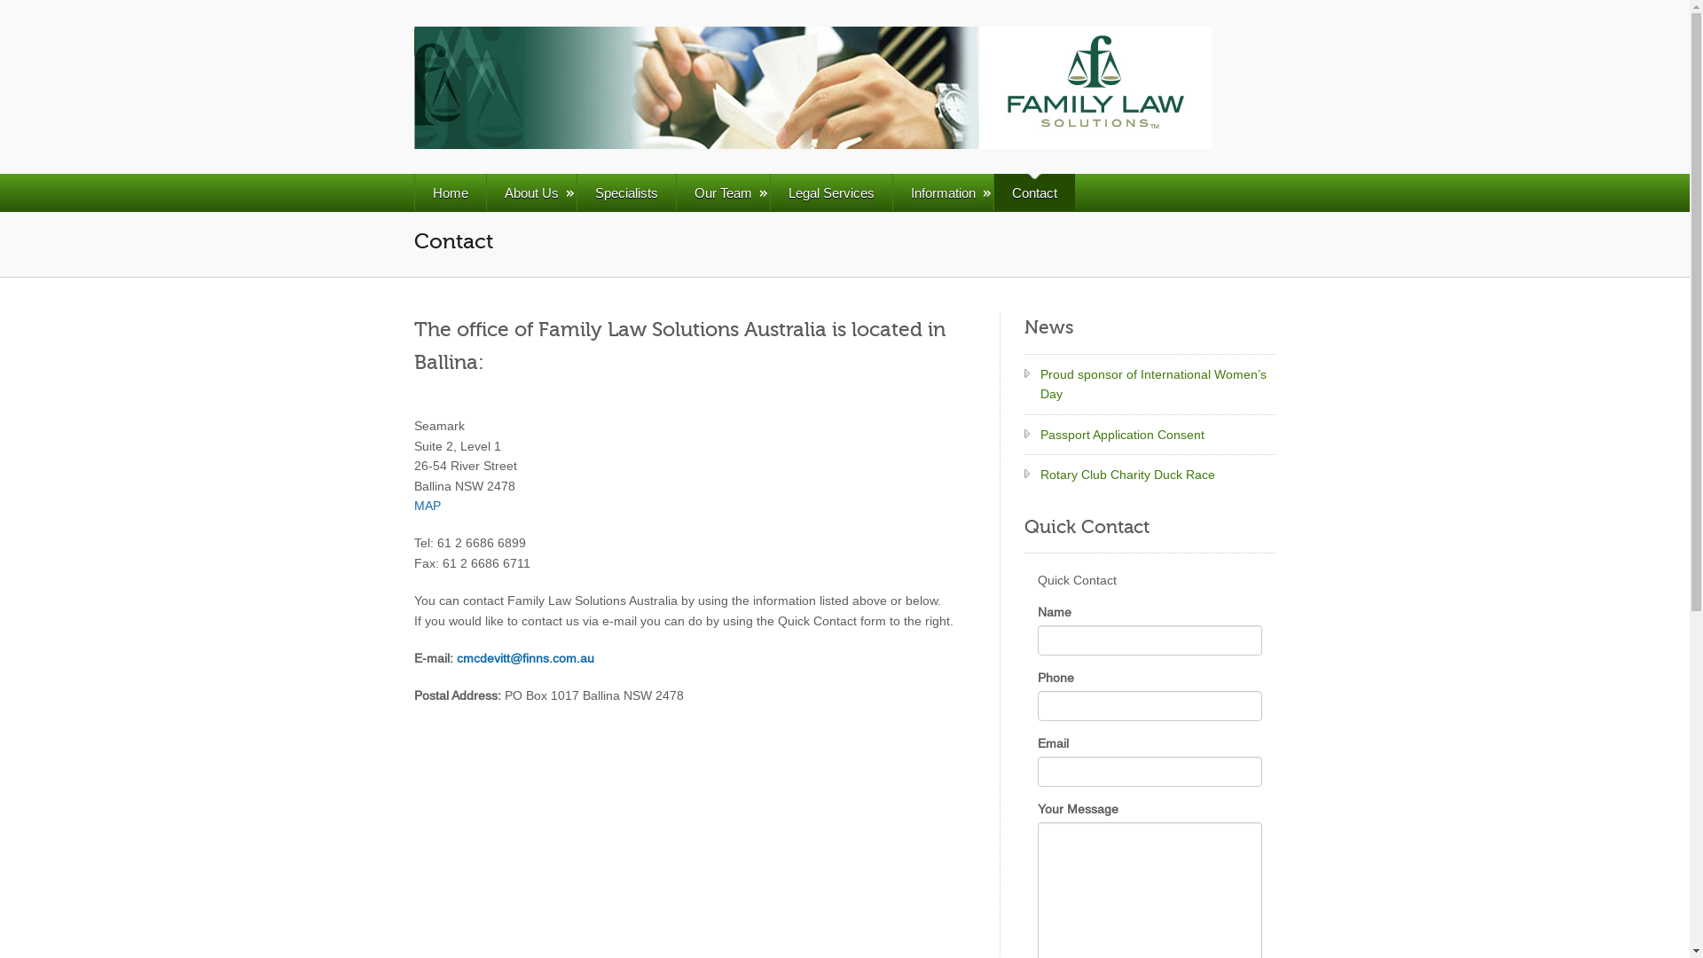 This screenshot has width=1703, height=958. What do you see at coordinates (530, 192) in the screenshot?
I see `'About Us'` at bounding box center [530, 192].